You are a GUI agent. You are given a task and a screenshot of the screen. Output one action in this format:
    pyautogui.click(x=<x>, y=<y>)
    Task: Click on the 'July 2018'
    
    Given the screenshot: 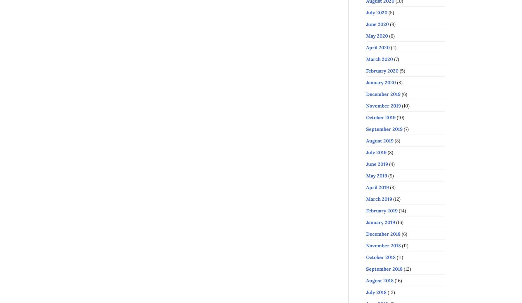 What is the action you would take?
    pyautogui.click(x=376, y=292)
    